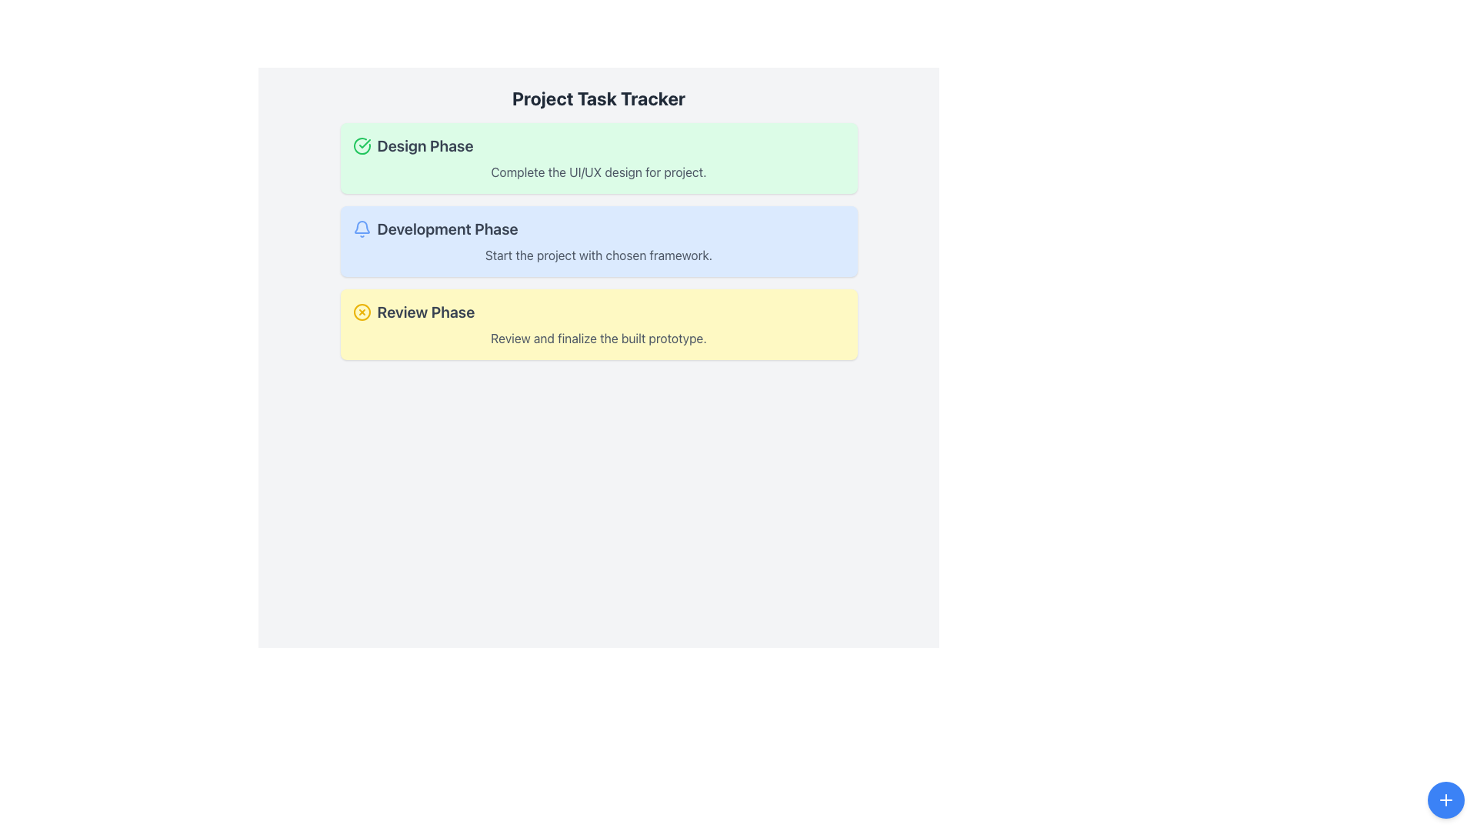  I want to click on the Status icon, which is located to the left of the 'Review Phase' text within the yellow-background card labeled 'Review Phase.' This icon visually represents the status of the Review Phase and may indicate an issue with a red 'x', so click(361, 312).